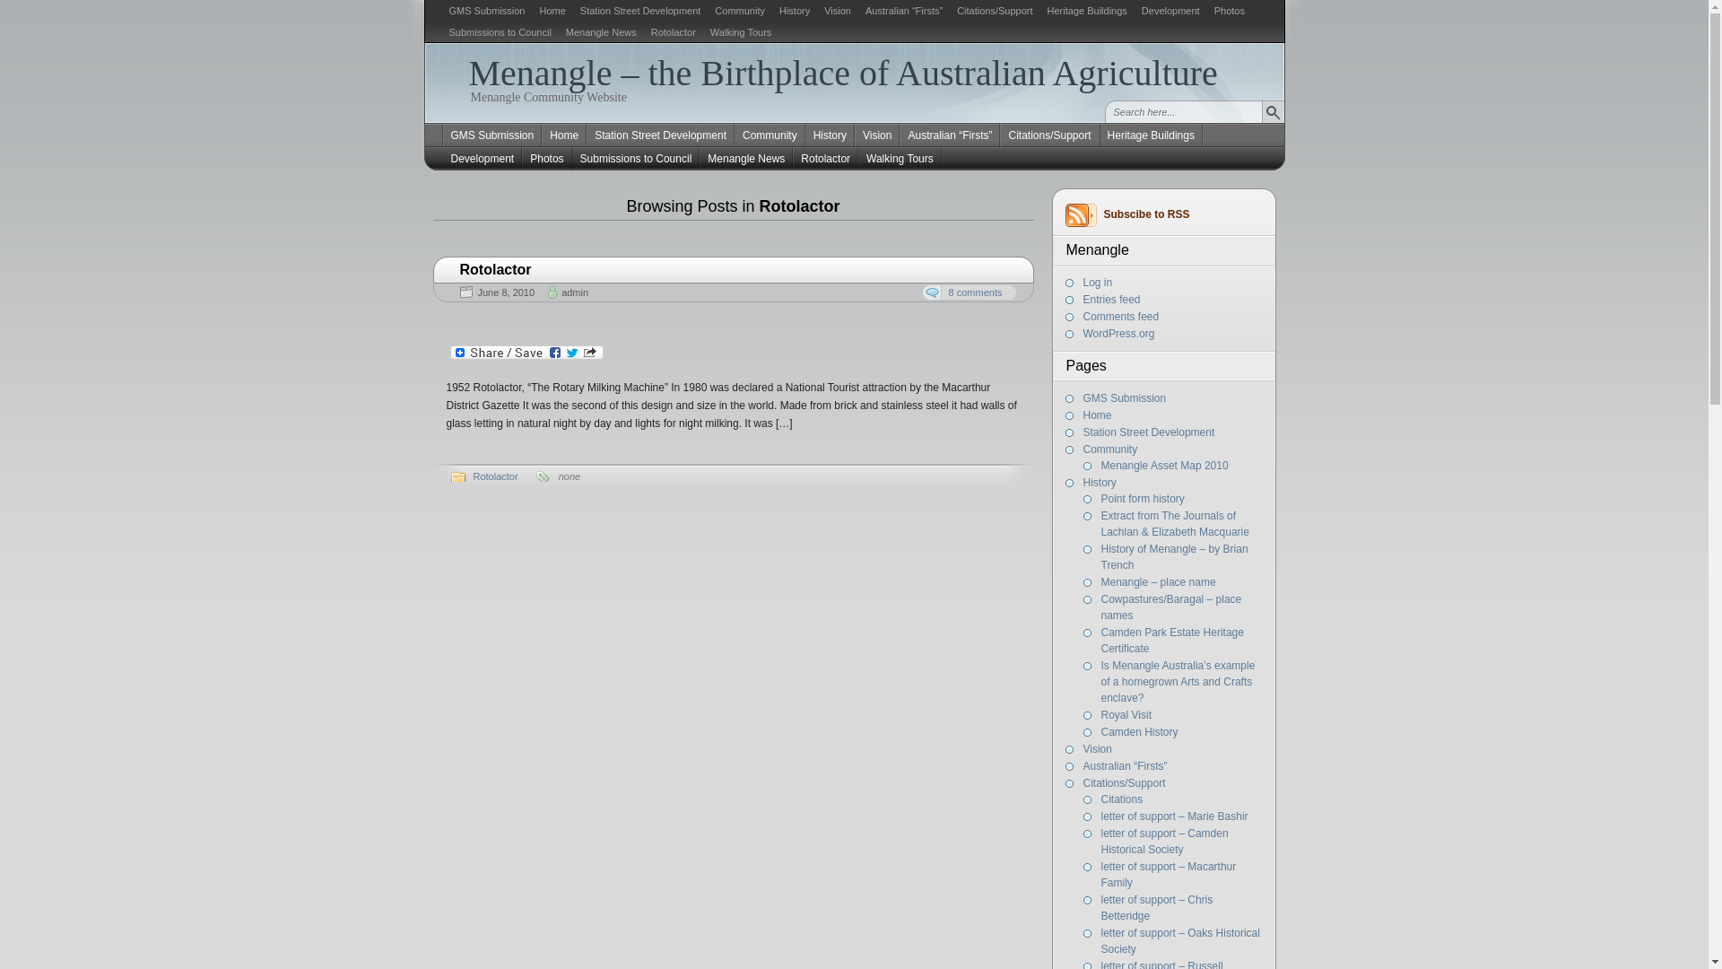 The width and height of the screenshot is (1722, 969). What do you see at coordinates (740, 31) in the screenshot?
I see `'Walking Tours'` at bounding box center [740, 31].